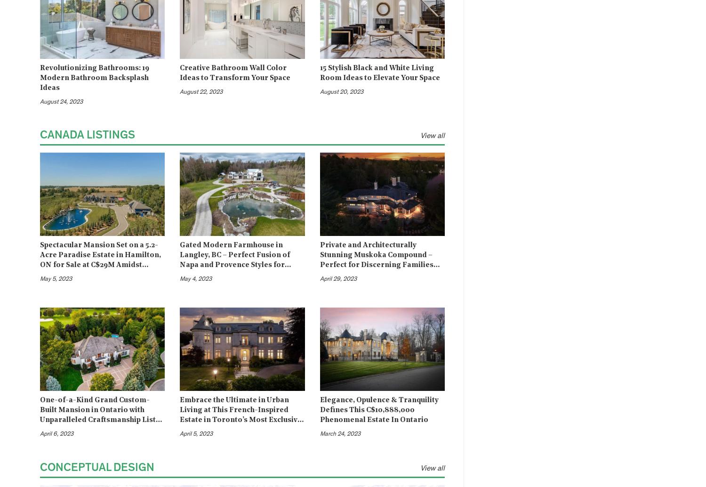 The height and width of the screenshot is (487, 706). I want to click on 'August 20, 2023', so click(340, 92).